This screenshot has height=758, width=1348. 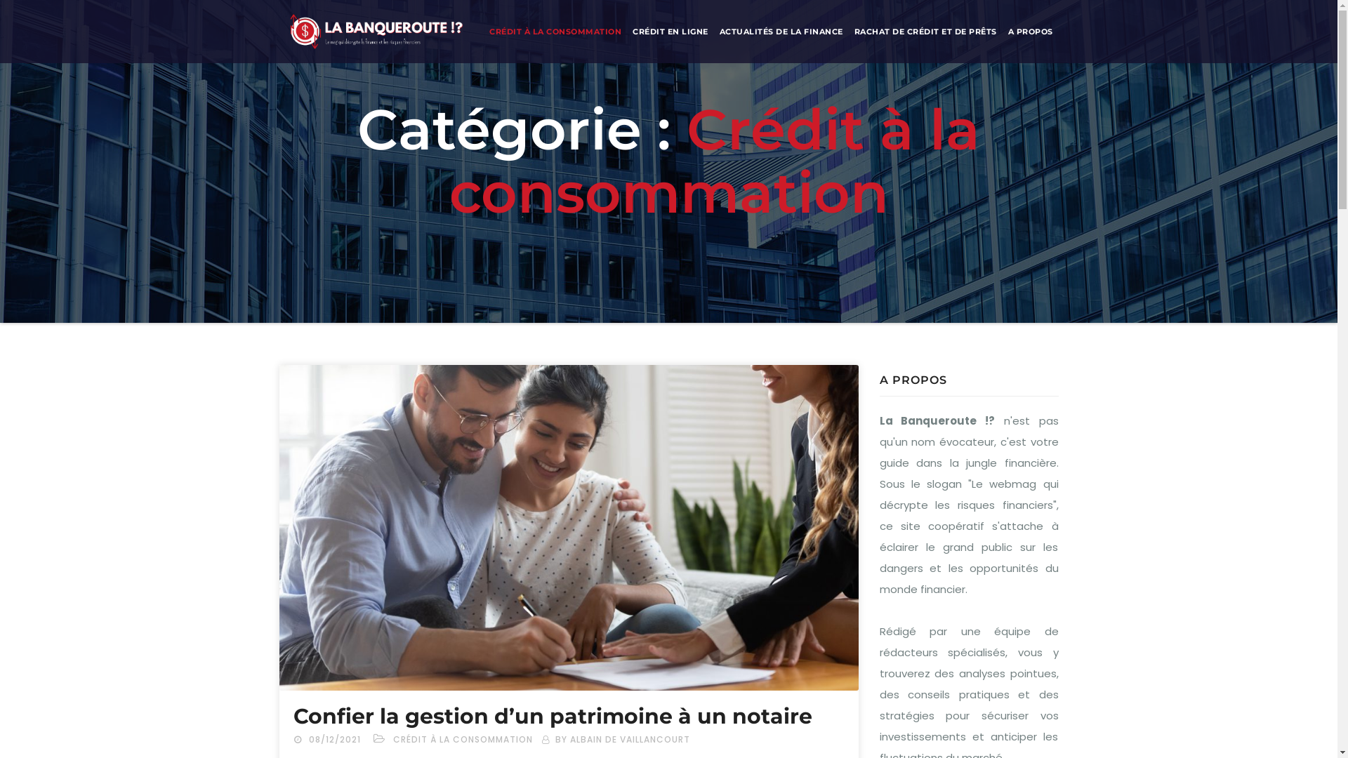 What do you see at coordinates (1031, 32) in the screenshot?
I see `'A PROPOS'` at bounding box center [1031, 32].